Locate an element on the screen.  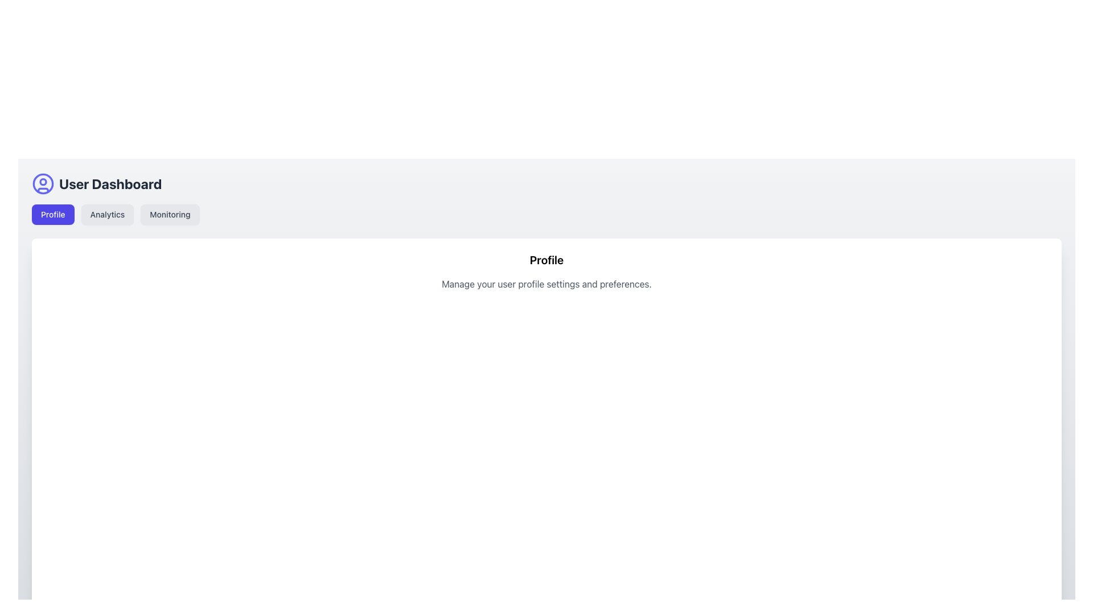
the small circle SVG element that is part of the user profile icon located in the top-left corner of the dashboard interface, next to the 'User Dashboard' text is located at coordinates (43, 181).